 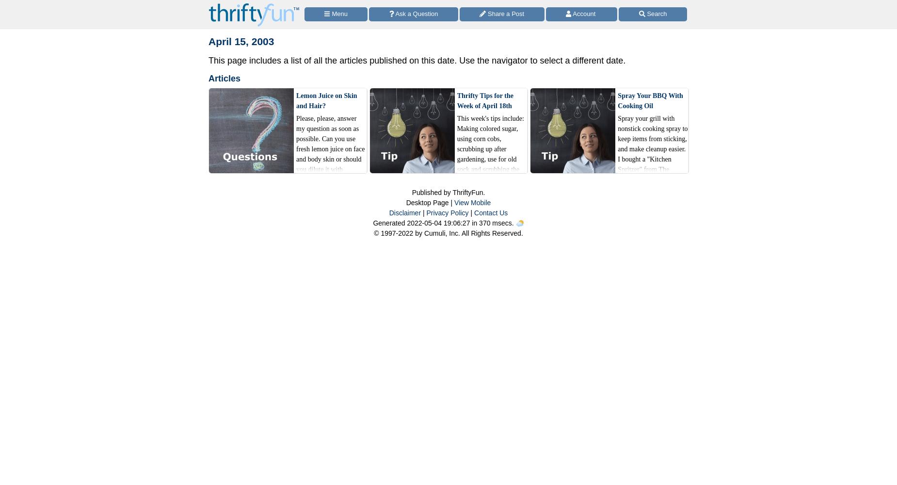 I want to click on 'Lemon Juice on Skin and Hair?', so click(x=296, y=100).